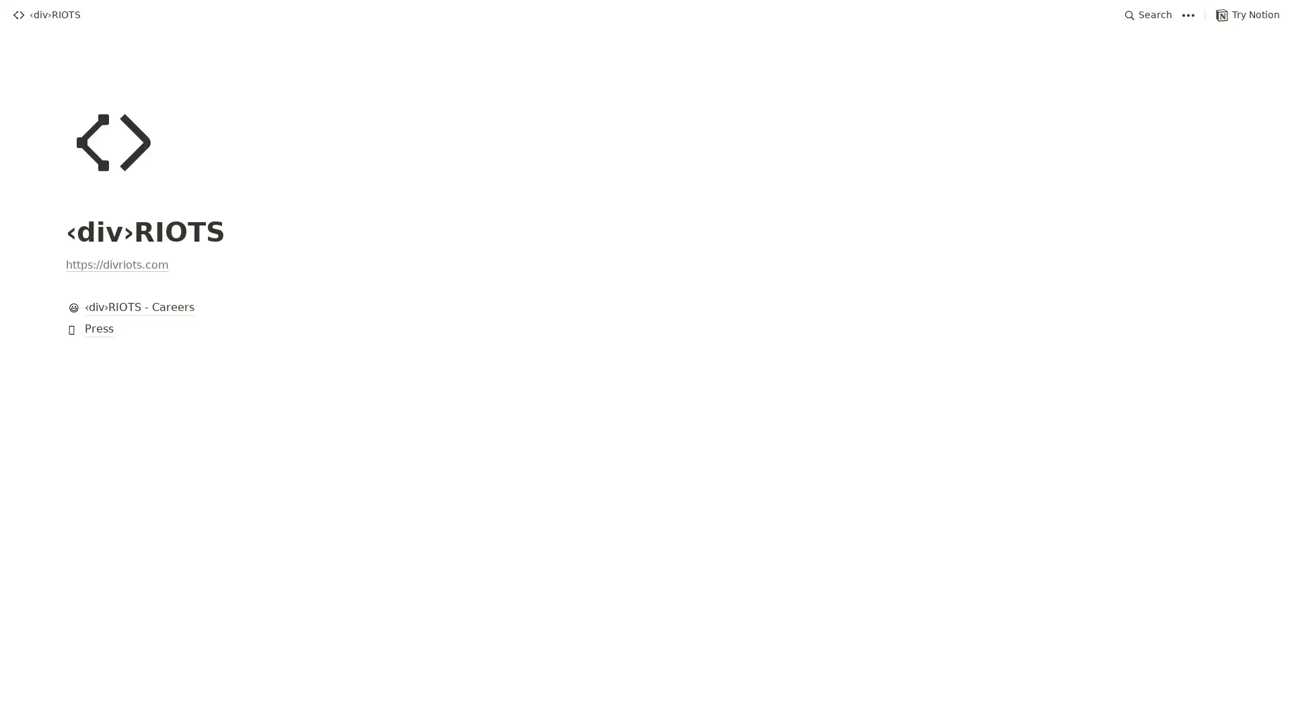 The height and width of the screenshot is (727, 1292). I want to click on divRIOTS, so click(46, 15).